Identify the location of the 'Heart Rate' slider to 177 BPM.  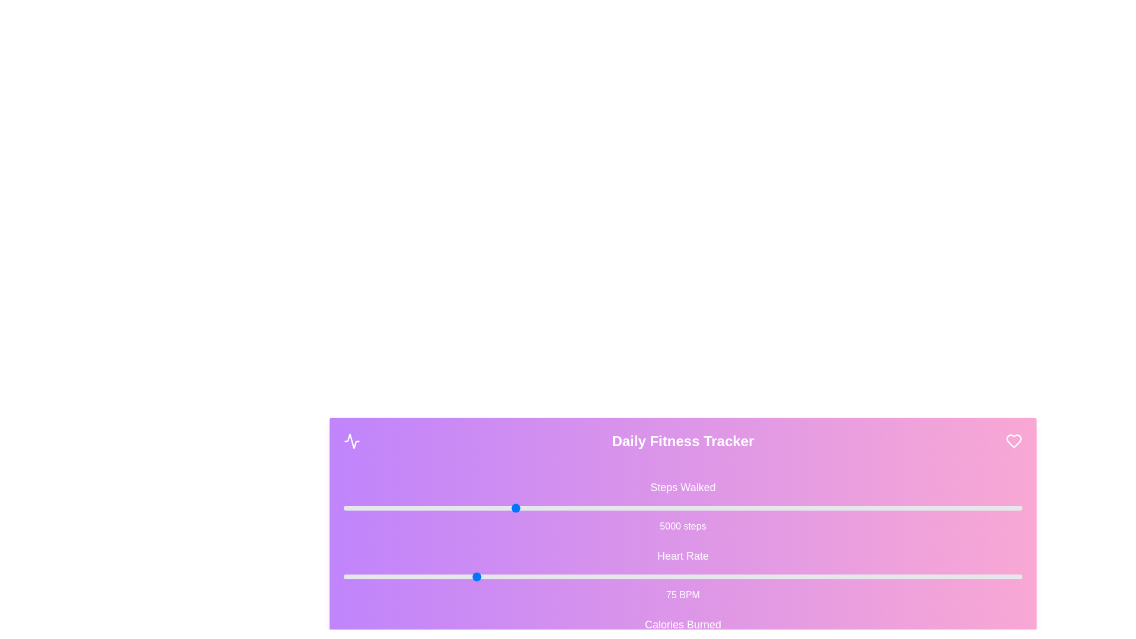
(1006, 576).